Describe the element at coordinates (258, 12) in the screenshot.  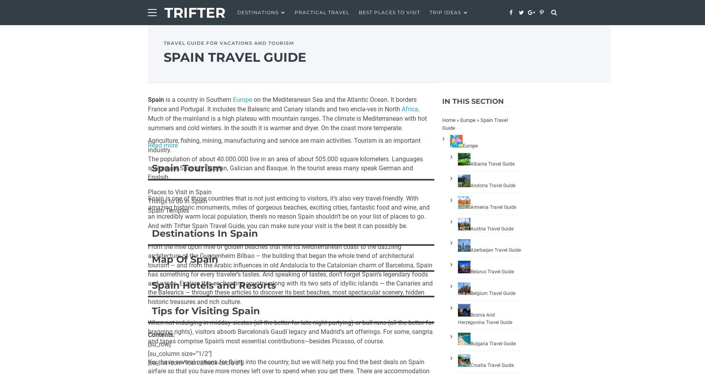
I see `'Destinations'` at that location.